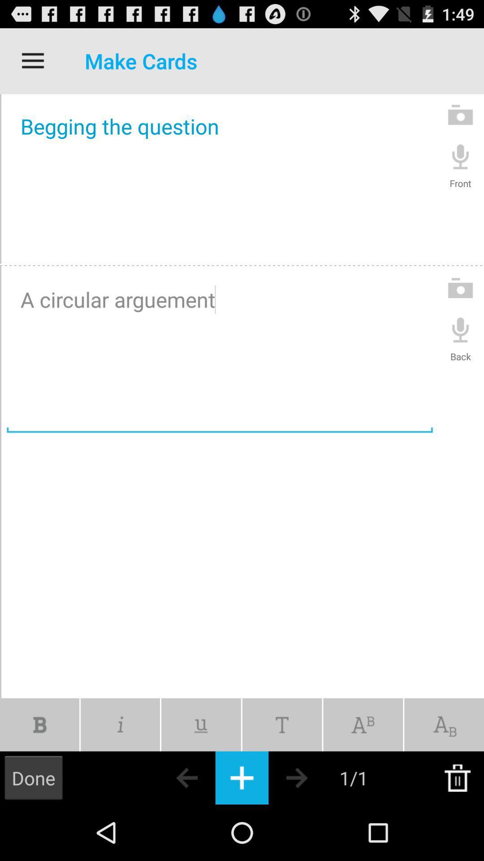  What do you see at coordinates (281, 725) in the screenshot?
I see `icon below the a circular arguement icon` at bounding box center [281, 725].